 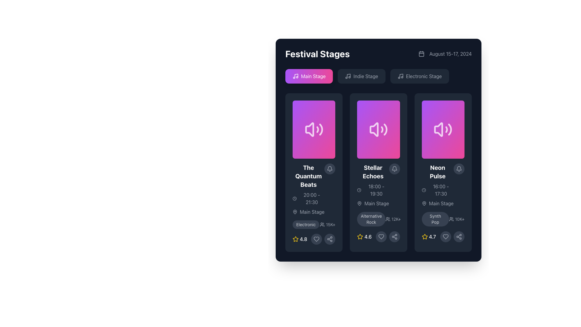 I want to click on the square-shaped decorative background element of the SVG-based calendar icon, which is styled in a neutral color scheme and positioned in the top-right corner of the interface, next to the date 'August 15–17, 2024', so click(x=421, y=54).